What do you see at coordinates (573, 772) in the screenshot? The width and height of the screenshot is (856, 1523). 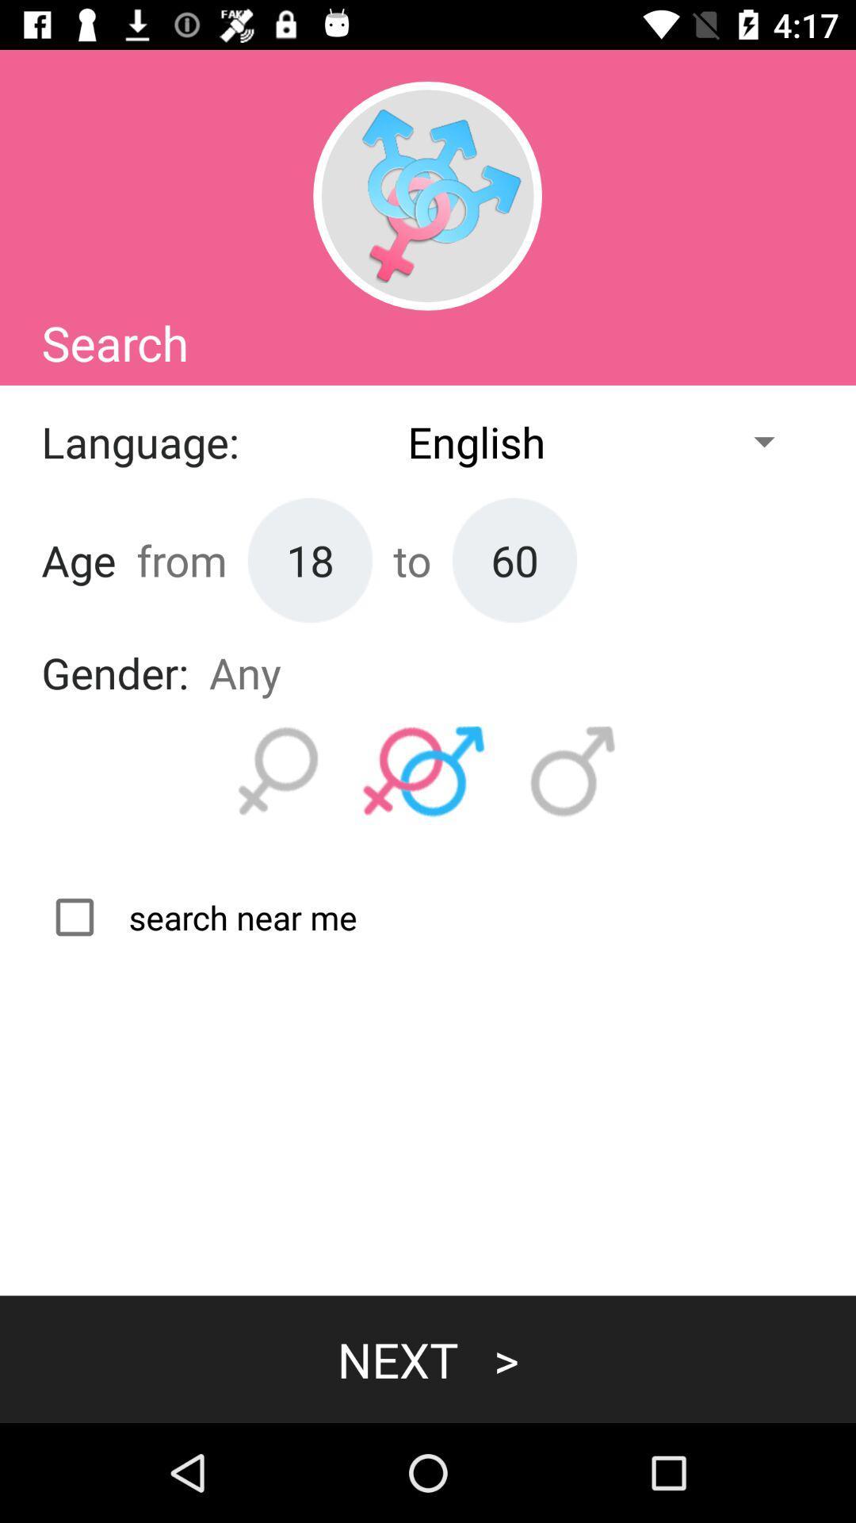 I see `gender male` at bounding box center [573, 772].